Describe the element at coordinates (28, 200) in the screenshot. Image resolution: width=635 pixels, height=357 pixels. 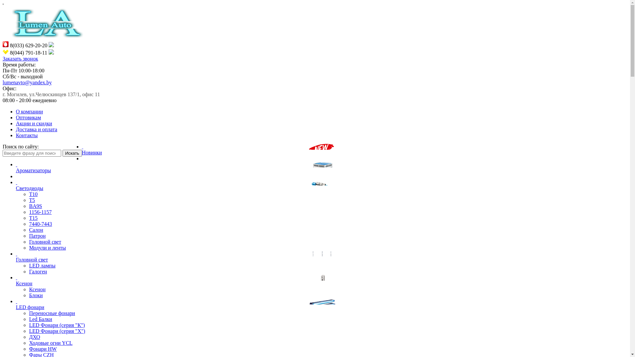
I see `'T5'` at that location.